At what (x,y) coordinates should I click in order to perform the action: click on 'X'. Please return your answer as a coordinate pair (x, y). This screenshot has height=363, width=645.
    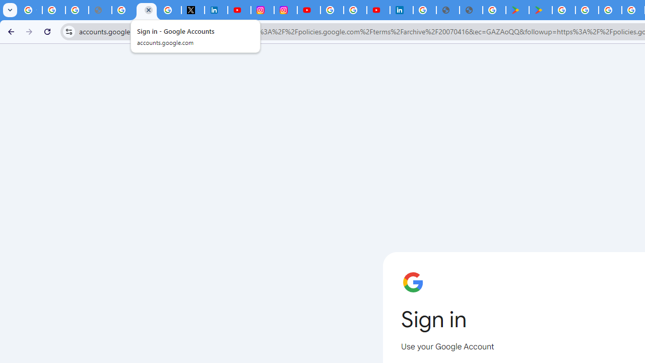
    Looking at the image, I should click on (192, 10).